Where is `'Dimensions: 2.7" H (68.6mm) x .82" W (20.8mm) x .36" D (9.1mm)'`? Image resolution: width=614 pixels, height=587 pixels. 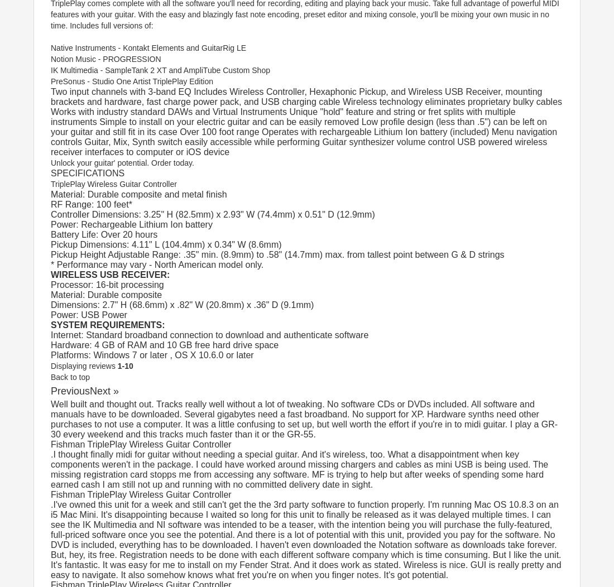
'Dimensions: 2.7" H (68.6mm) x .82" W (20.8mm) x .36" D (9.1mm)' is located at coordinates (181, 305).